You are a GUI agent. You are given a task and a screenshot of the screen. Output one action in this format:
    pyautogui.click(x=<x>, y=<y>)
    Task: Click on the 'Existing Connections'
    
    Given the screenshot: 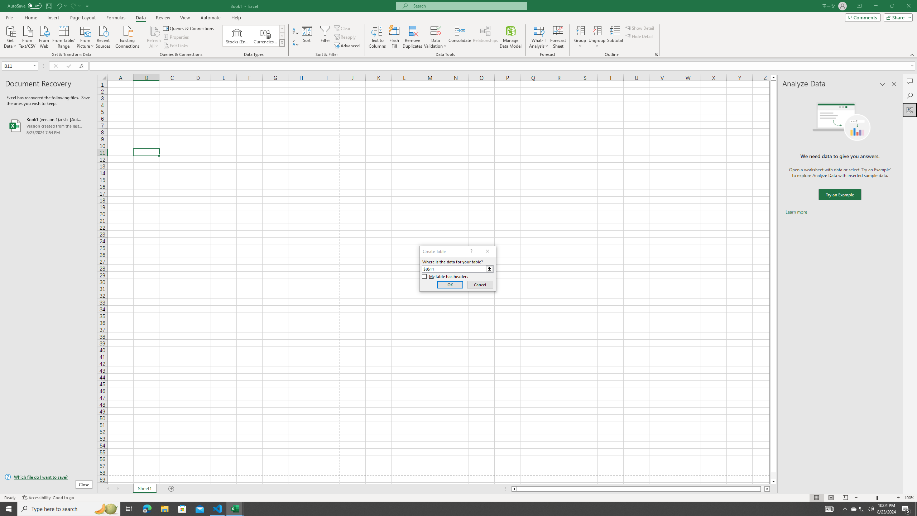 What is the action you would take?
    pyautogui.click(x=127, y=36)
    